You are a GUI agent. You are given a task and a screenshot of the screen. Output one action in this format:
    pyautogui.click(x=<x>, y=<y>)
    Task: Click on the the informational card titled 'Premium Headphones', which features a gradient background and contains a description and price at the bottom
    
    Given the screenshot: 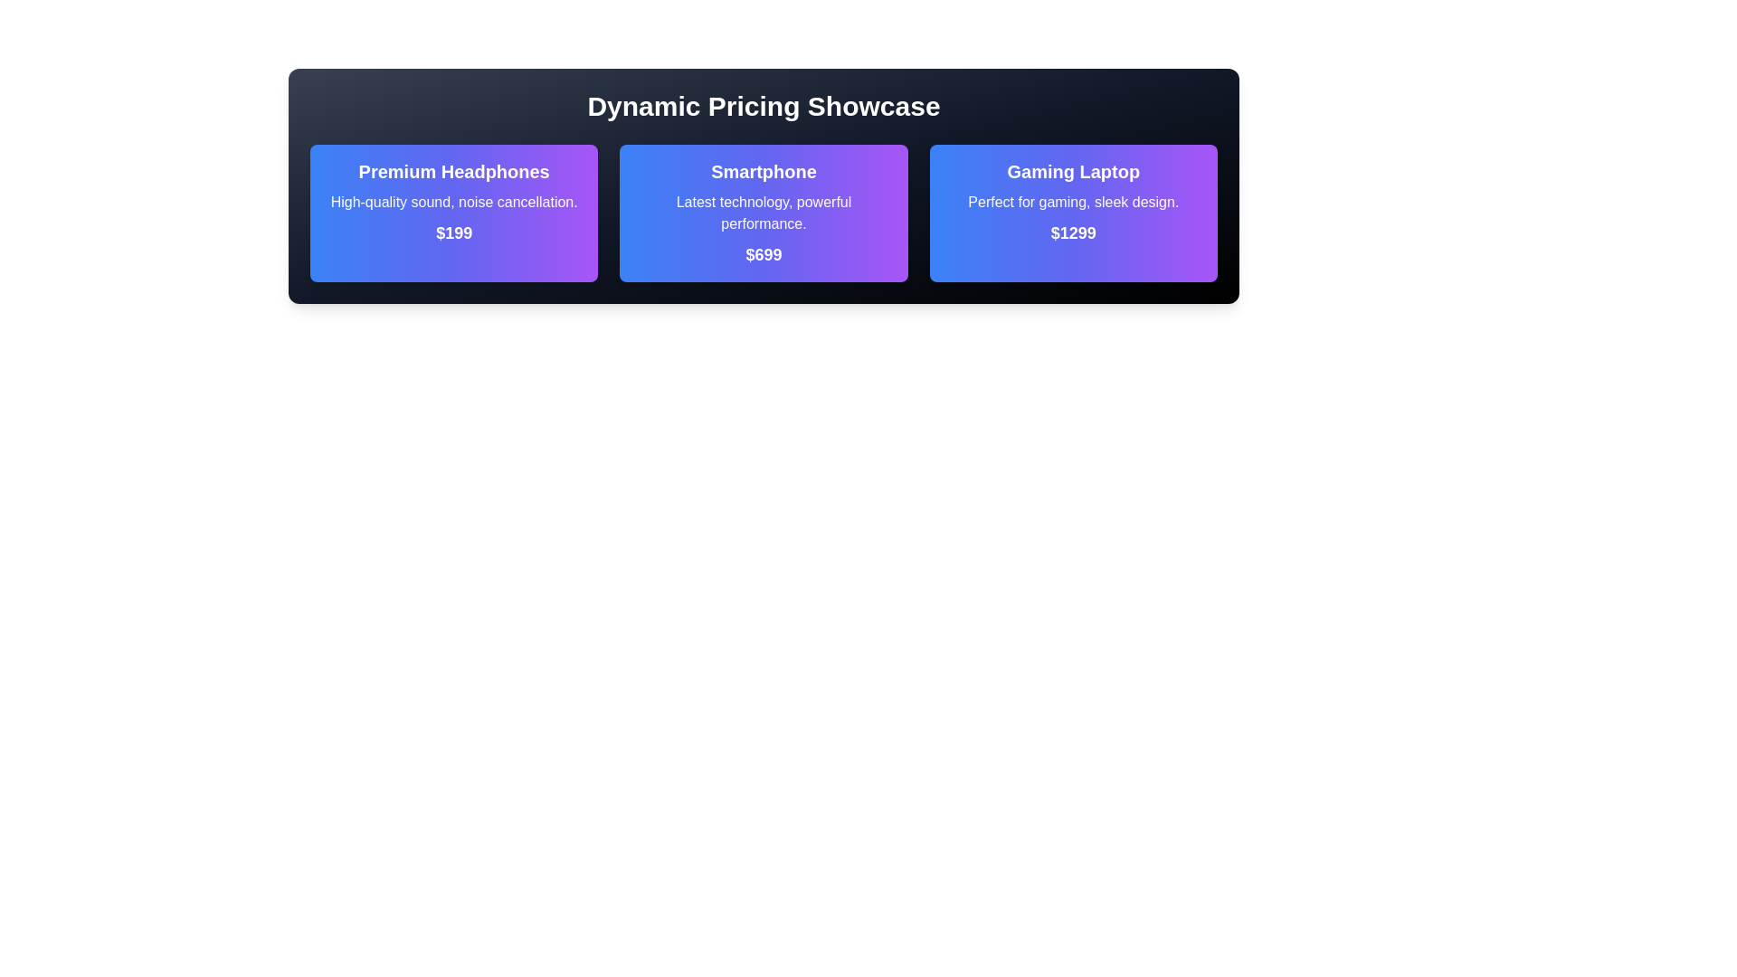 What is the action you would take?
    pyautogui.click(x=454, y=212)
    